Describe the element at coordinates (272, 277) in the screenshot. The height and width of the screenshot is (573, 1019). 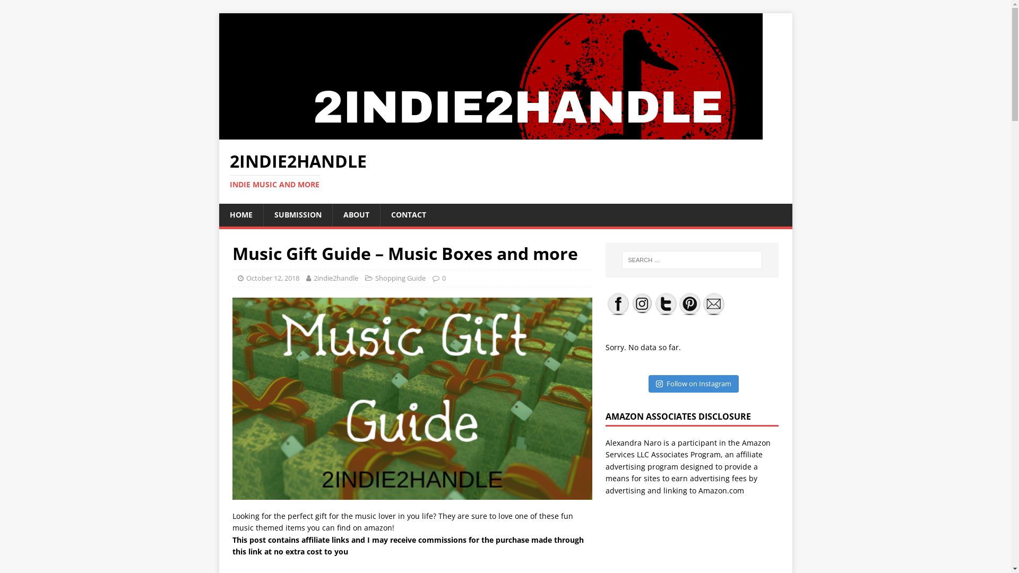
I see `'October 12, 2018'` at that location.